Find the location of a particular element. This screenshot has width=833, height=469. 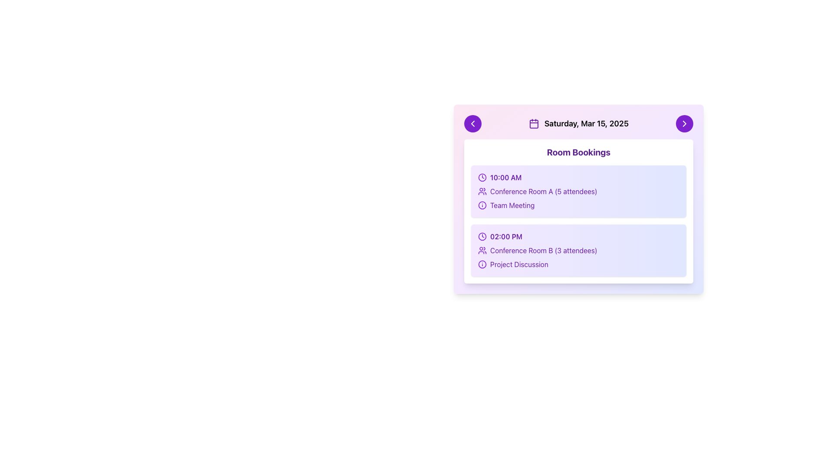

the purple group of people icon associated with the text 'Conference Room A (5 attendees)' is located at coordinates (482, 191).